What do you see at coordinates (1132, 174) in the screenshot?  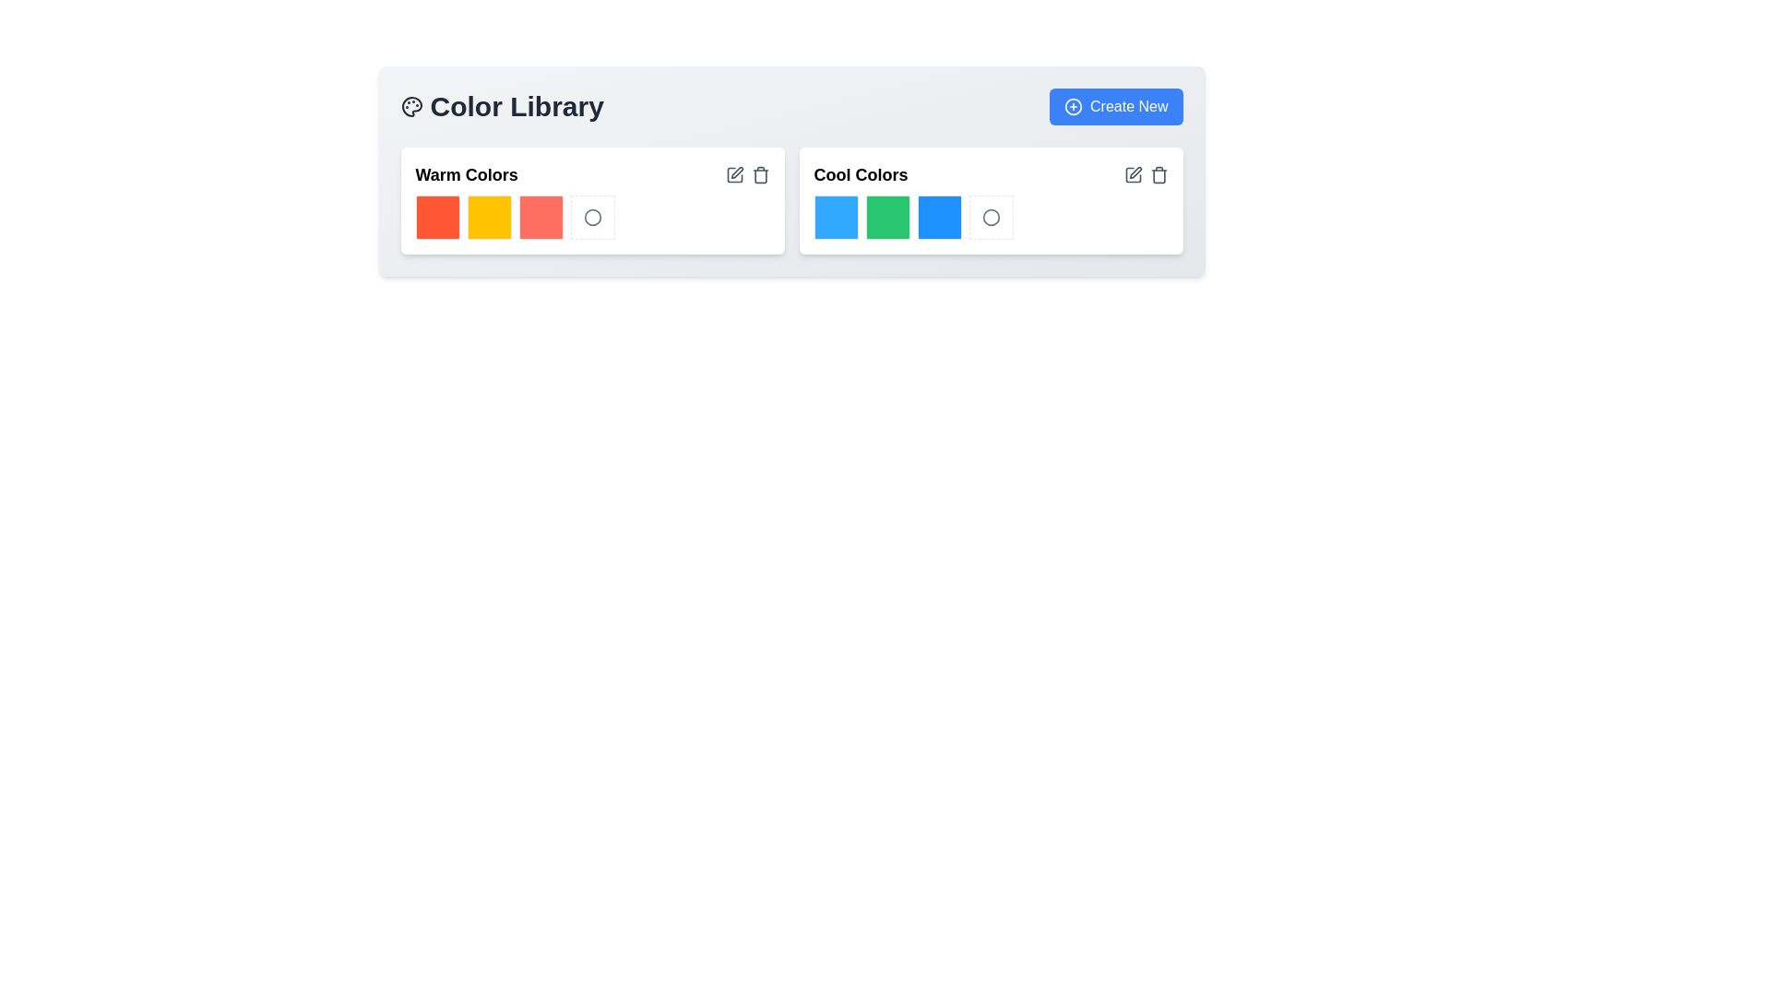 I see `the square pen-shaped icon located in the 'Cool Colors' section` at bounding box center [1132, 174].